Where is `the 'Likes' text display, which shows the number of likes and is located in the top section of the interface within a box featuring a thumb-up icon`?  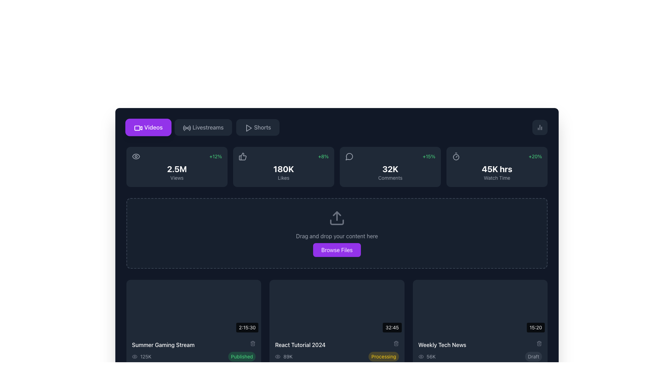 the 'Likes' text display, which shows the number of likes and is located in the top section of the interface within a box featuring a thumb-up icon is located at coordinates (284, 169).